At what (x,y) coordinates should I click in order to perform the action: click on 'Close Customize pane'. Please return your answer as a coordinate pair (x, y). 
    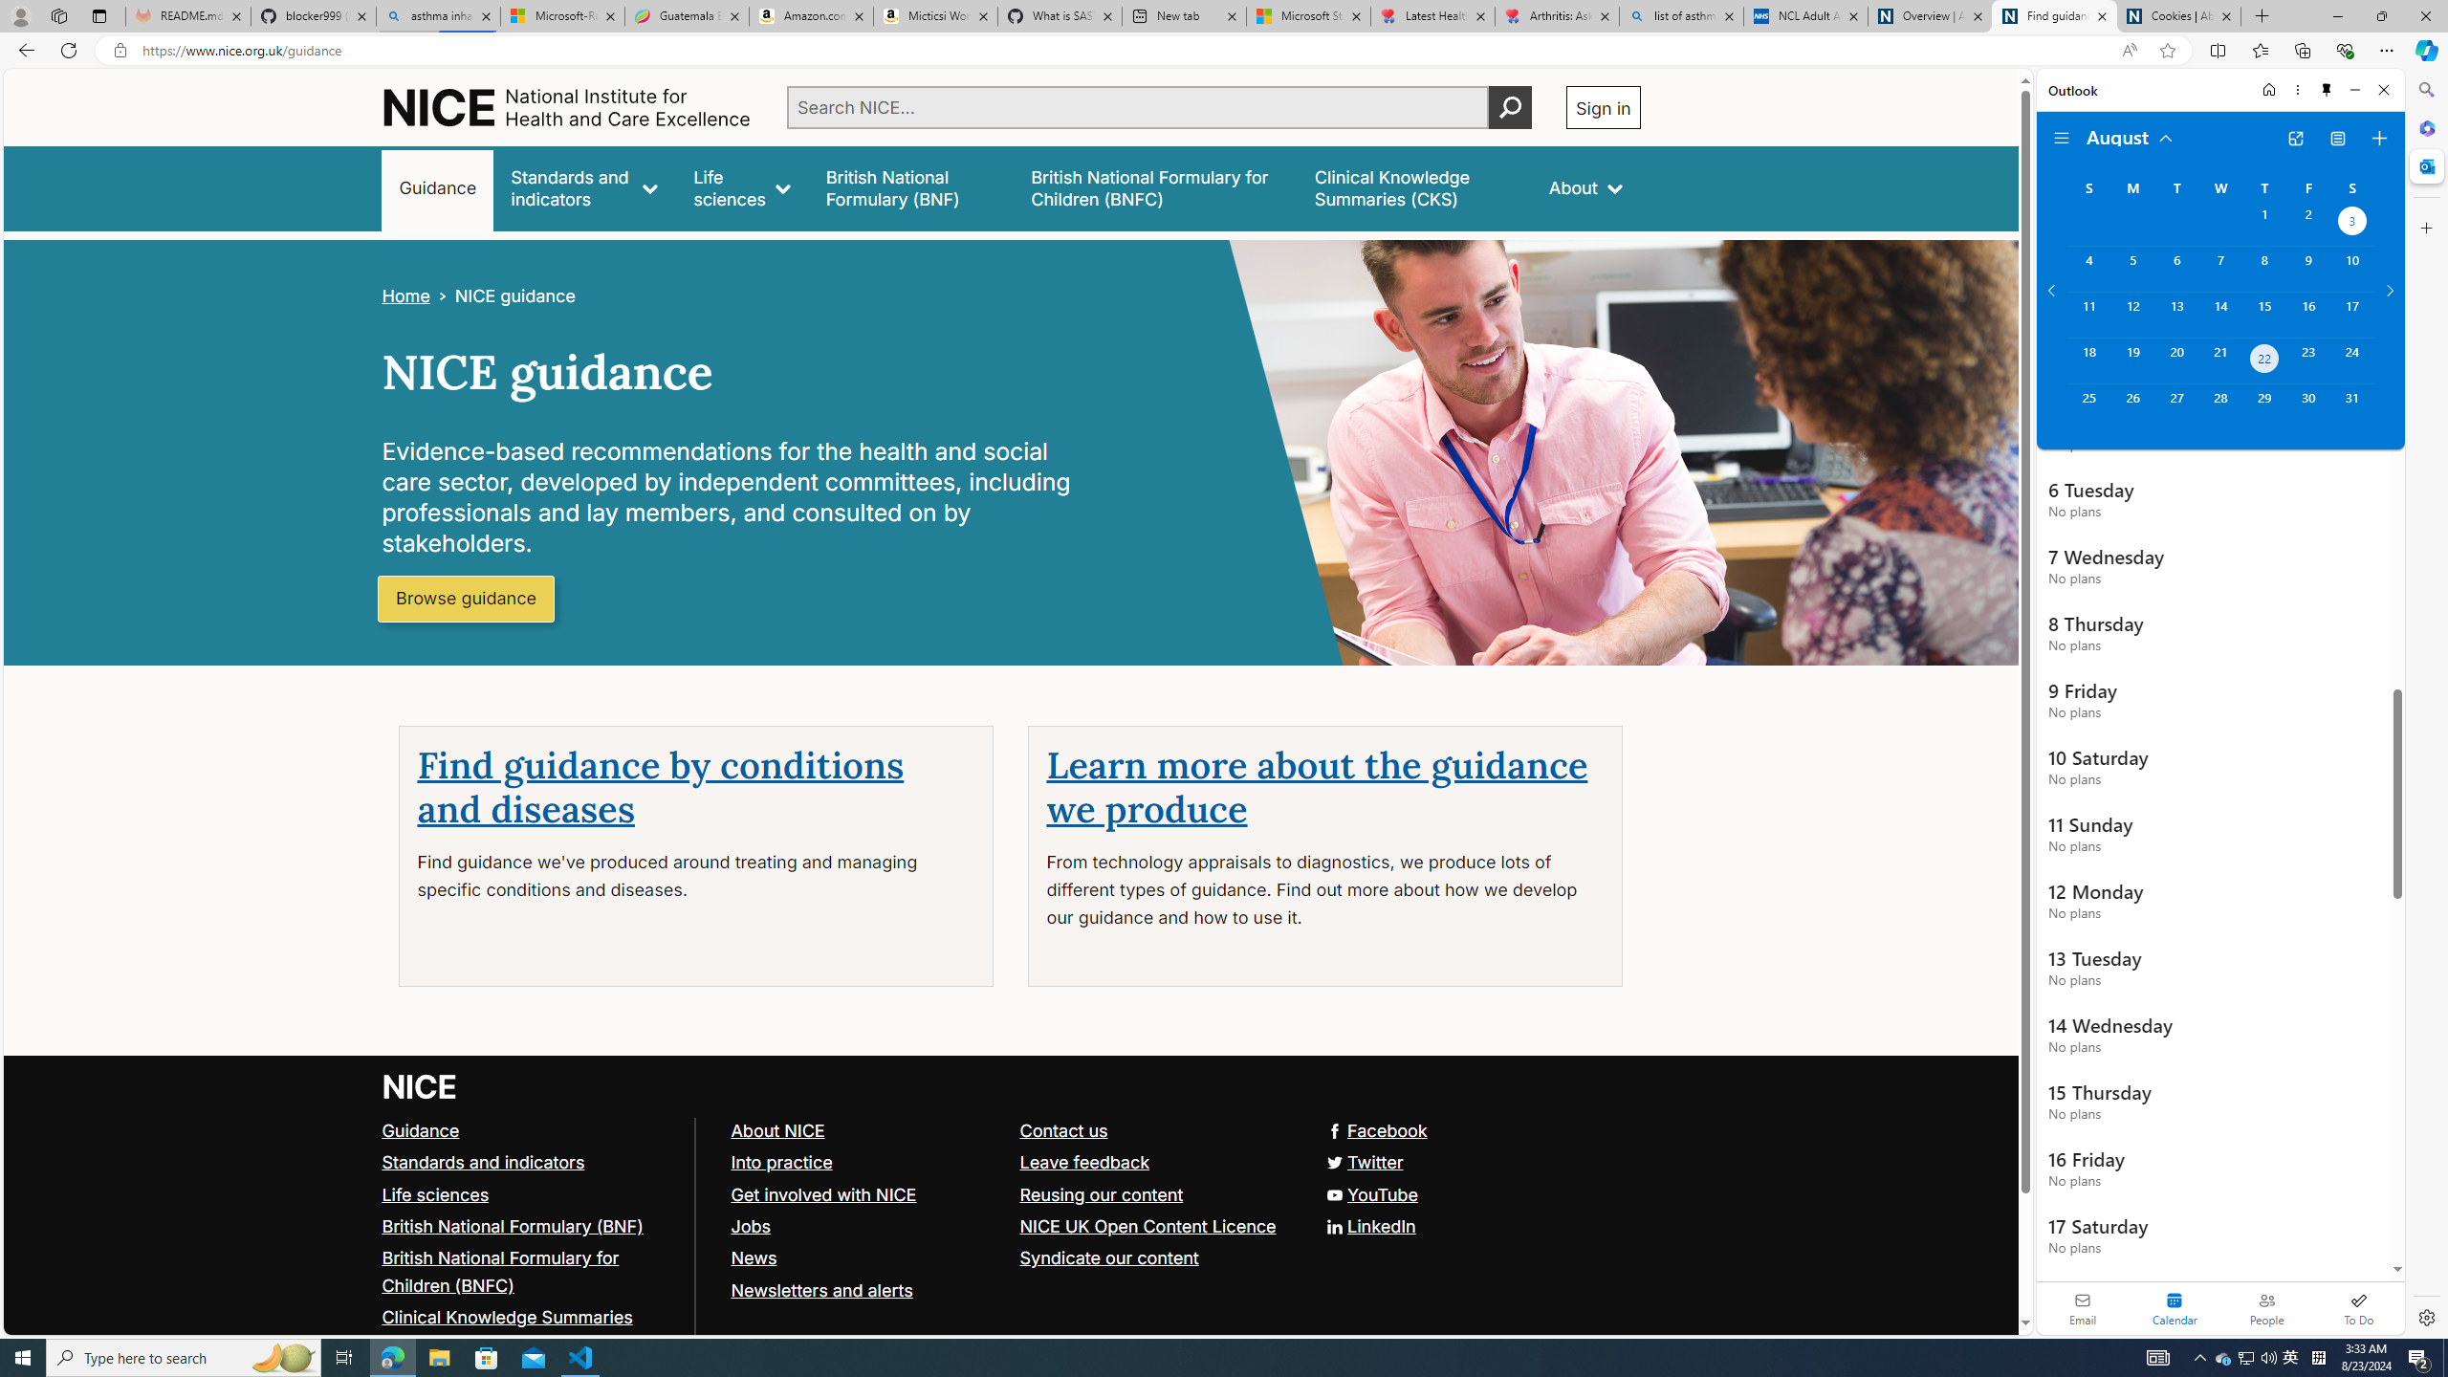
    Looking at the image, I should click on (2424, 227).